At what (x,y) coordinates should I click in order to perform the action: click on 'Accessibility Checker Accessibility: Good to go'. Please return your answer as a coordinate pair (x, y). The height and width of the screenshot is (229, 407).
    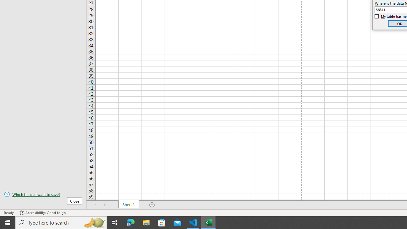
    Looking at the image, I should click on (42, 213).